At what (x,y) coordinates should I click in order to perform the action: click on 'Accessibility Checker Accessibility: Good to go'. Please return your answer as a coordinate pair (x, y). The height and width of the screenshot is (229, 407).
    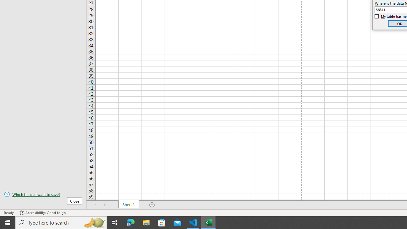
    Looking at the image, I should click on (42, 213).